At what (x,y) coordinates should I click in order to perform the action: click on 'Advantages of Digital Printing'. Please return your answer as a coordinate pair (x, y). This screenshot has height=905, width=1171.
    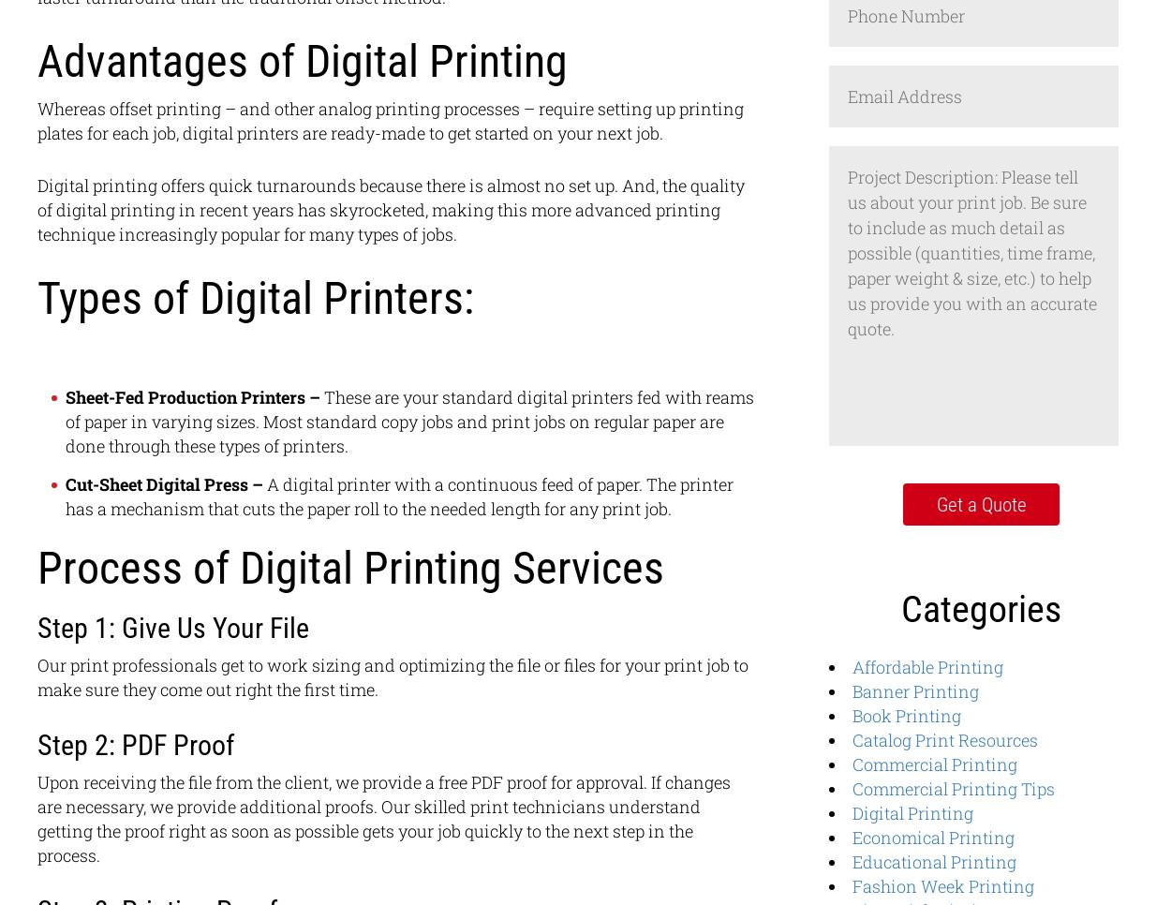
    Looking at the image, I should click on (302, 60).